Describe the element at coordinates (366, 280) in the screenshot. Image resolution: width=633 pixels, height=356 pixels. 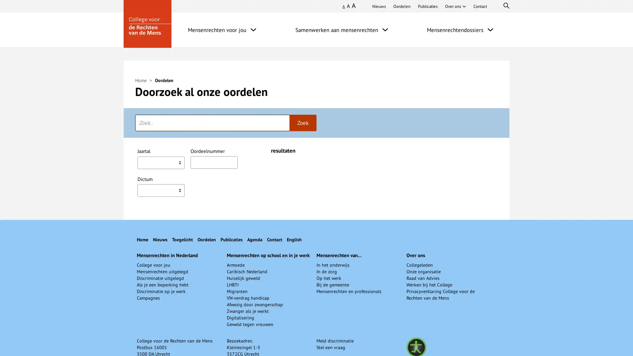
I see `Arbeid` at that location.